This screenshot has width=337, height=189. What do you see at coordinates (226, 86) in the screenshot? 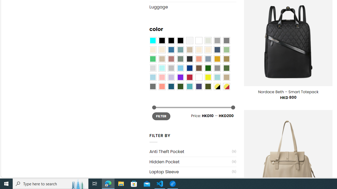
I see `'Yellow-Red'` at bounding box center [226, 86].